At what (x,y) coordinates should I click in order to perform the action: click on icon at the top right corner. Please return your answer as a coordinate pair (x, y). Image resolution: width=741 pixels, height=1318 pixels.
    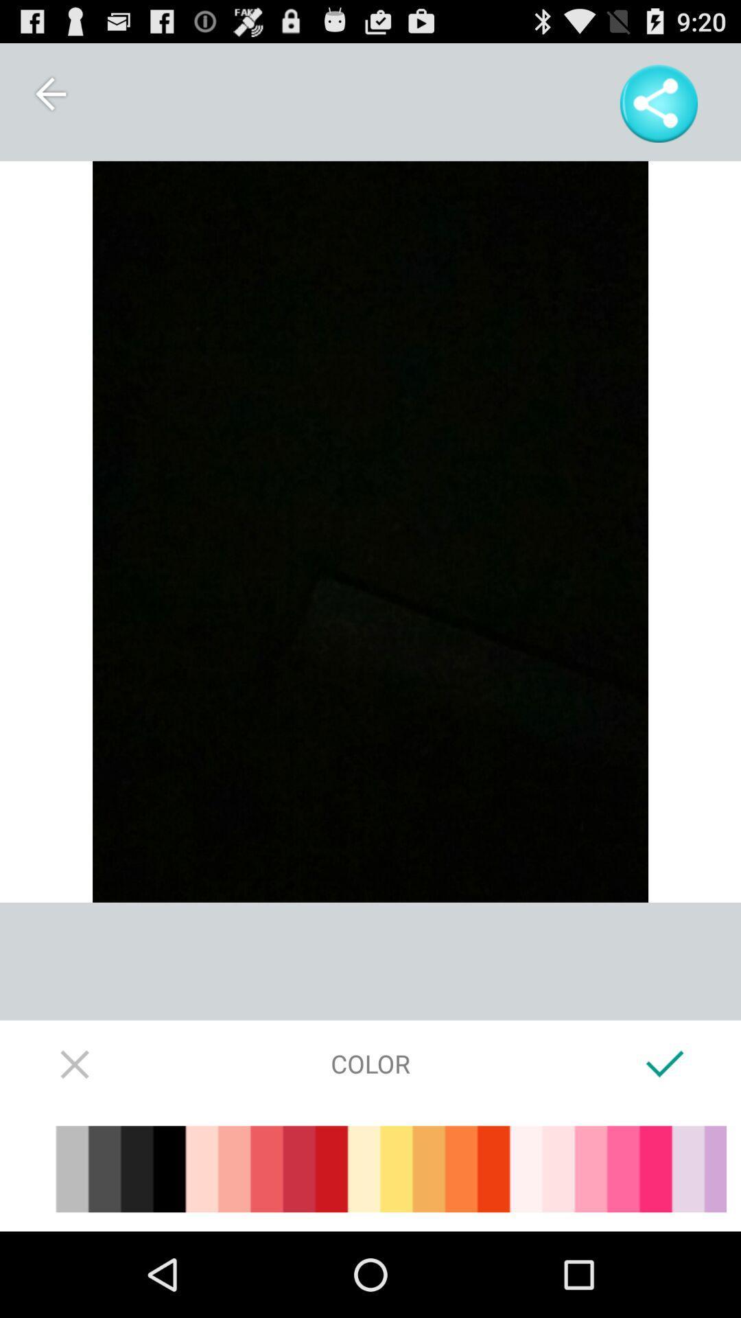
    Looking at the image, I should click on (658, 103).